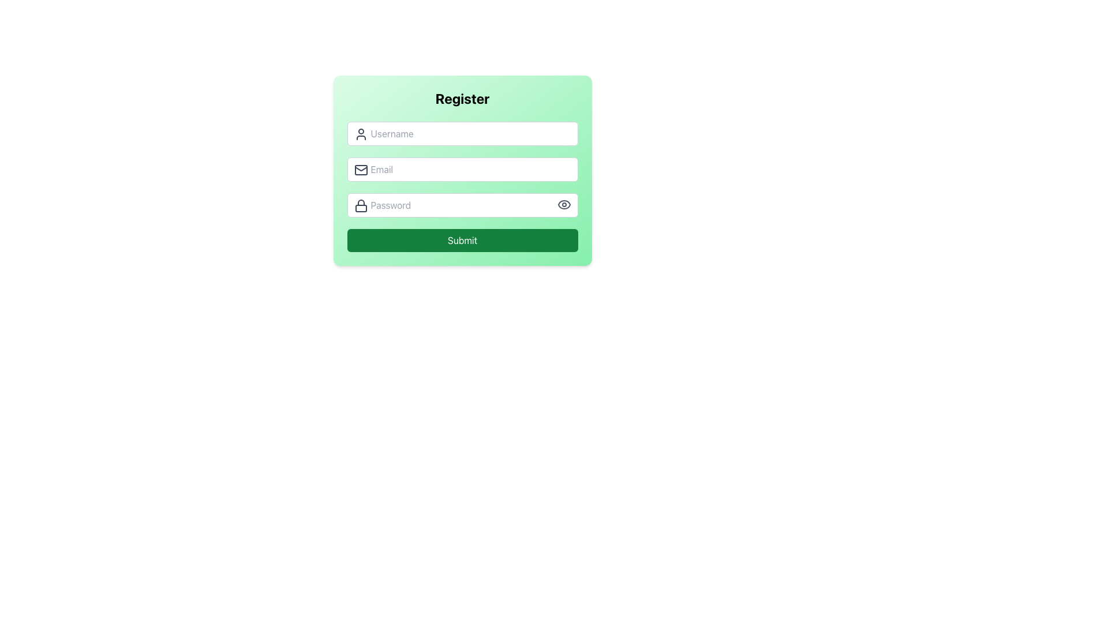  Describe the element at coordinates (462, 239) in the screenshot. I see `the green 'Submit' button located at the bottom of the registration form` at that location.